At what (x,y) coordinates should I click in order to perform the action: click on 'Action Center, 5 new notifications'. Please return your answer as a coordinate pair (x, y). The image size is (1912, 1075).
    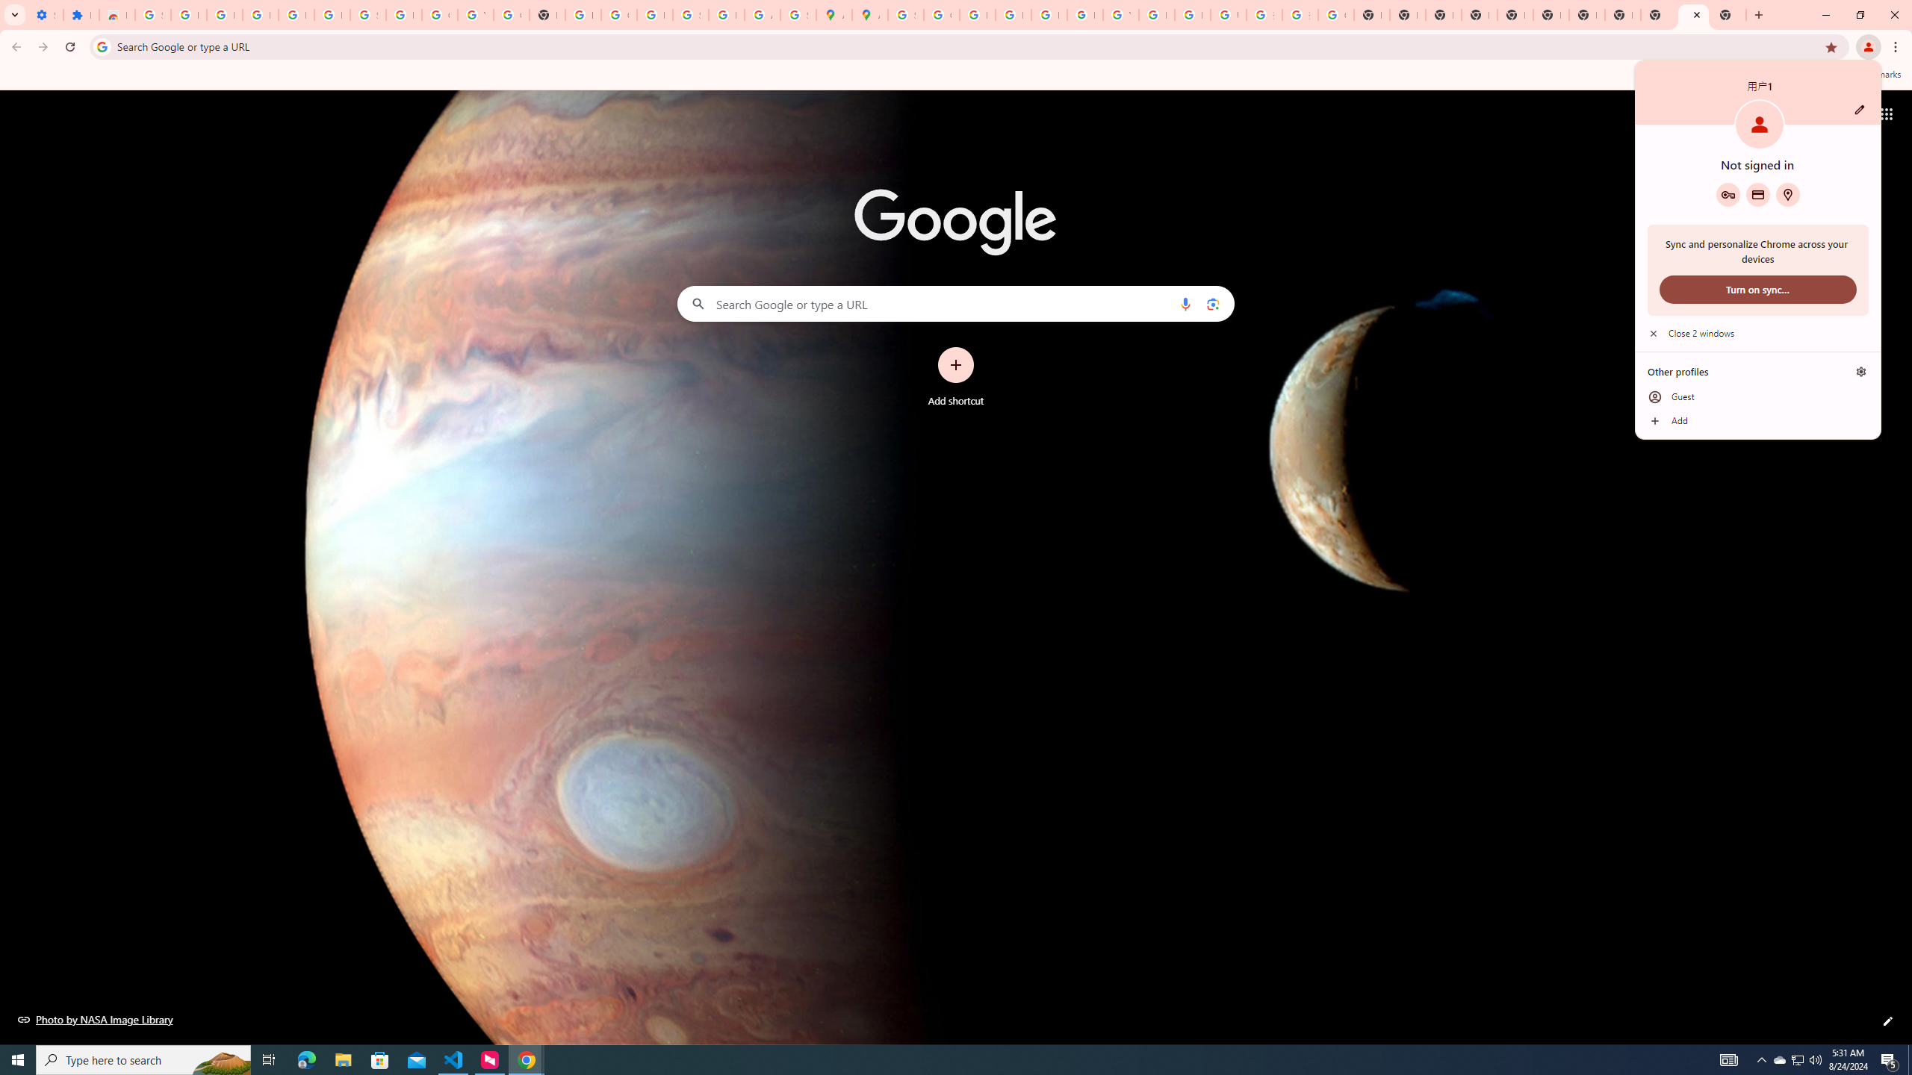
    Looking at the image, I should click on (1890, 1059).